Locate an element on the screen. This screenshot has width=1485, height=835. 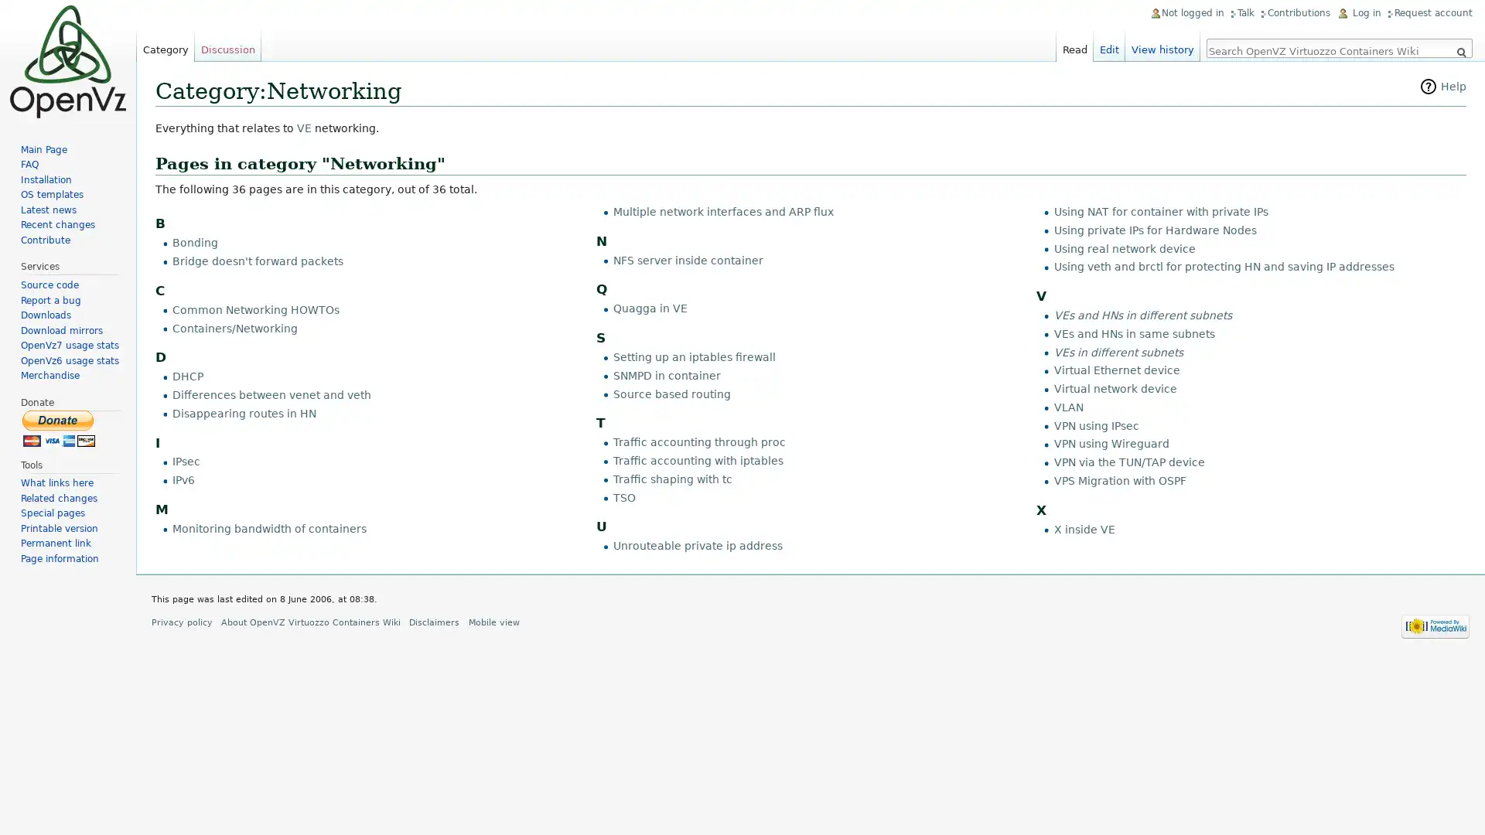
PayPal - The safer, easier way to pay online! is located at coordinates (59, 428).